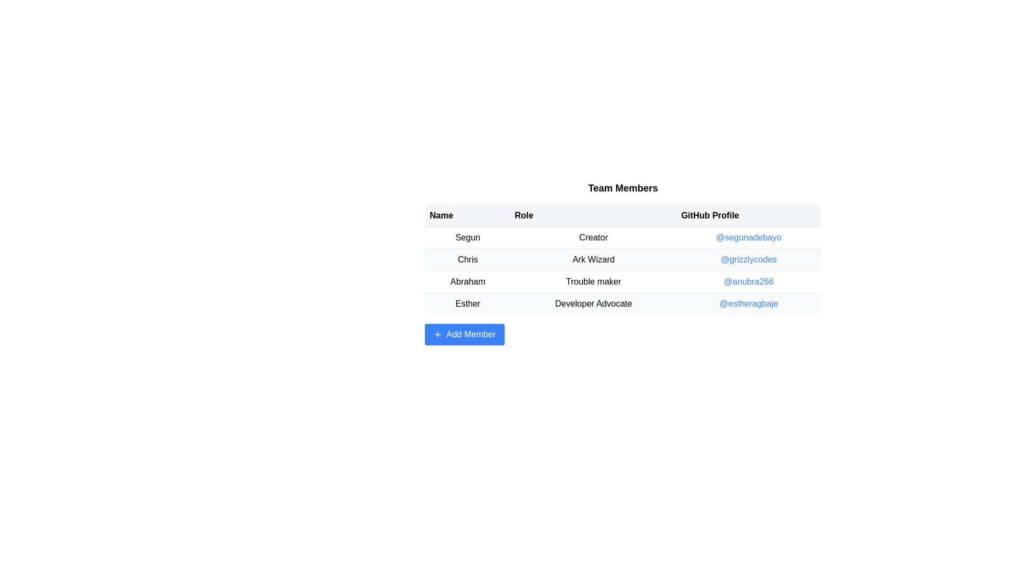 The height and width of the screenshot is (581, 1034). Describe the element at coordinates (467, 259) in the screenshot. I see `the static text field displaying 'Chris' under the 'Name' column in the 'Team Members' table, which is styled with a light gray background` at that location.